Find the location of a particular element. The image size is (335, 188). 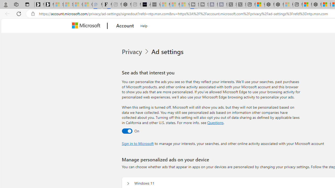

'Streaming Coverage | T3 - Sleeping' is located at coordinates (194, 4).